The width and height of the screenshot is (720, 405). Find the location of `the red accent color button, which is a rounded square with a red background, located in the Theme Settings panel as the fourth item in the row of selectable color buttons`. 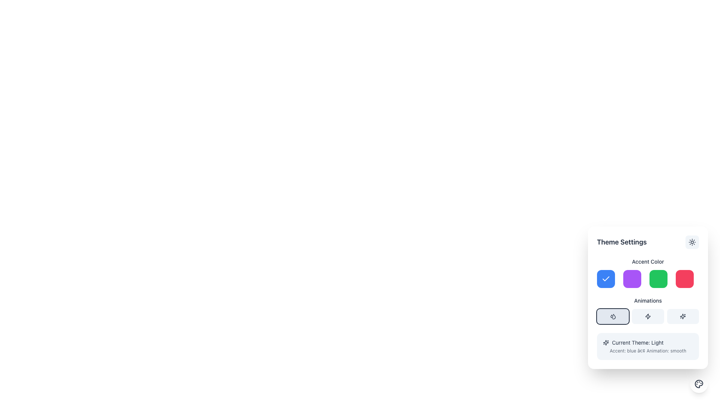

the red accent color button, which is a rounded square with a red background, located in the Theme Settings panel as the fourth item in the row of selectable color buttons is located at coordinates (684, 279).